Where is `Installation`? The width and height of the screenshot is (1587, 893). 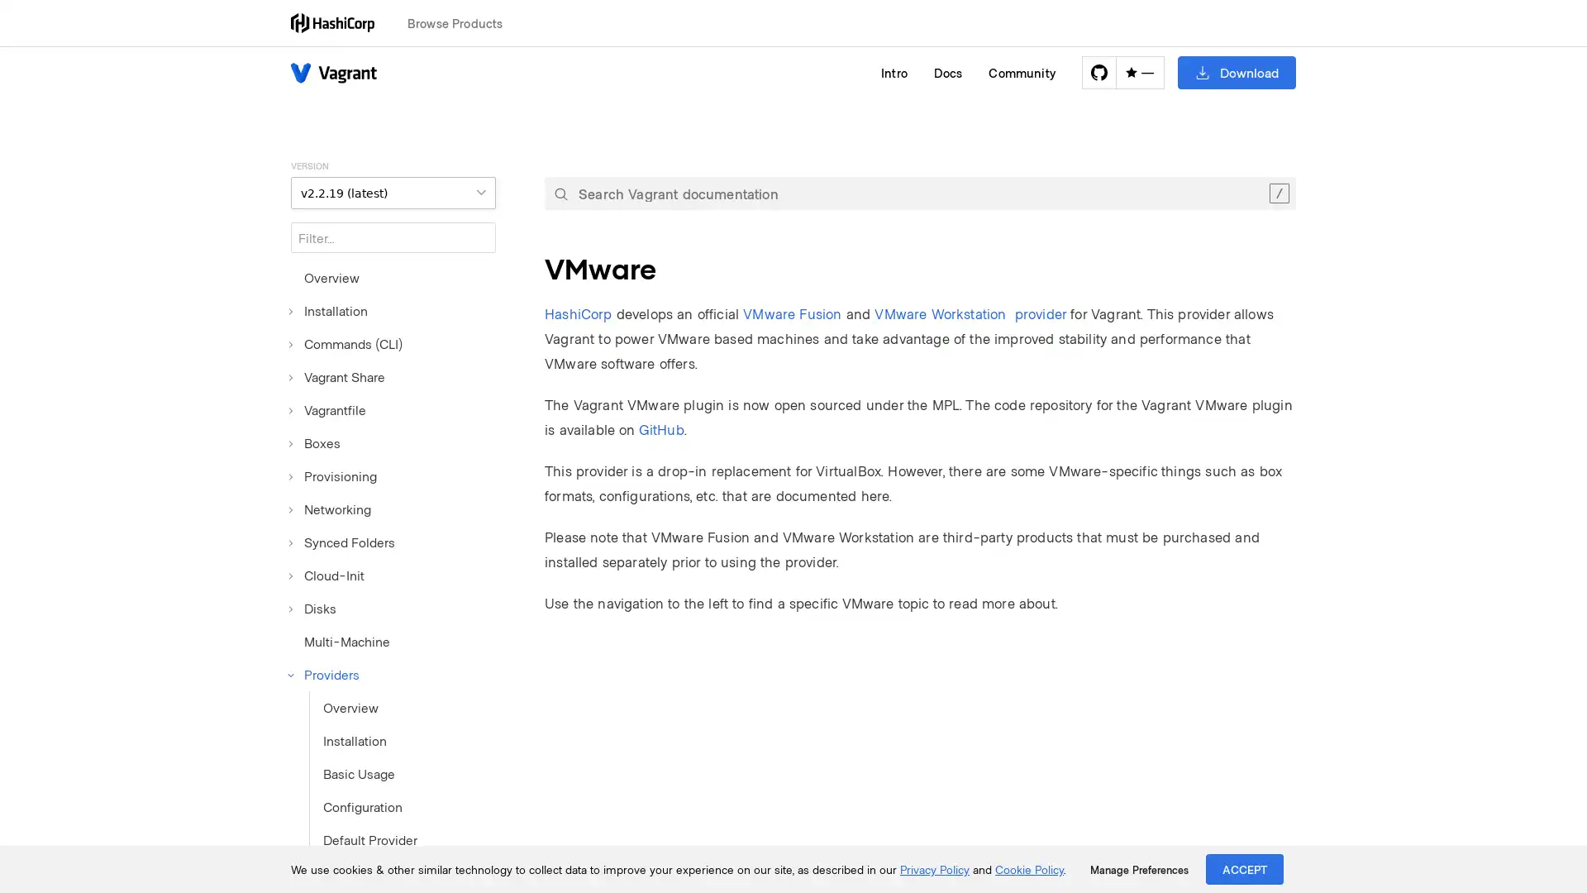
Installation is located at coordinates (329, 310).